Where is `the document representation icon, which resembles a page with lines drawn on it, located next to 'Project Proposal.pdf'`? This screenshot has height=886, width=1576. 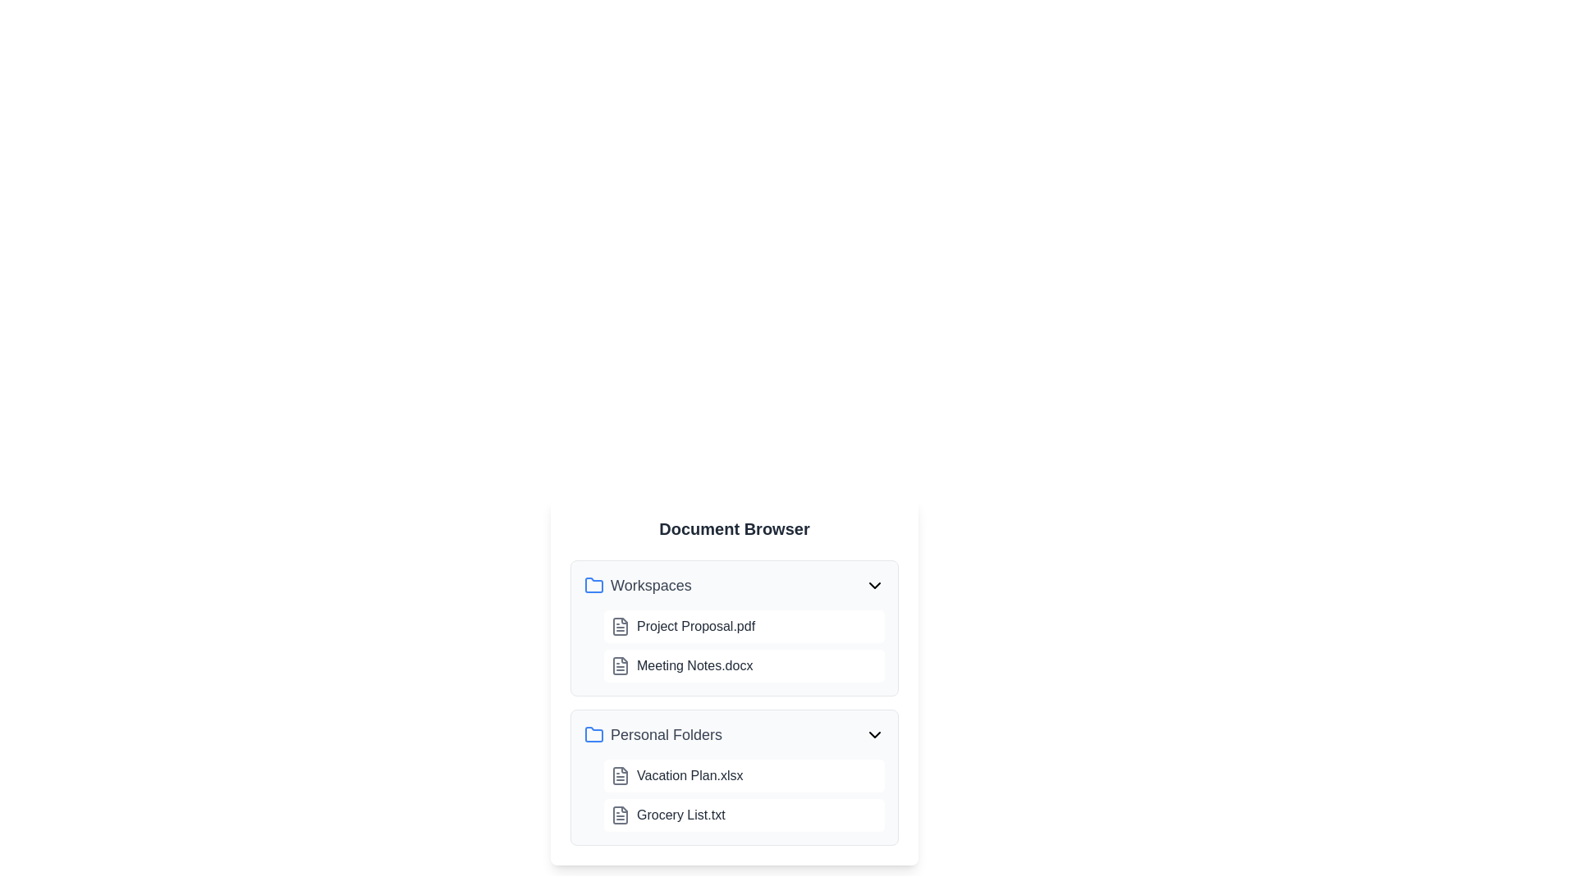
the document representation icon, which resembles a page with lines drawn on it, located next to 'Project Proposal.pdf' is located at coordinates (619, 626).